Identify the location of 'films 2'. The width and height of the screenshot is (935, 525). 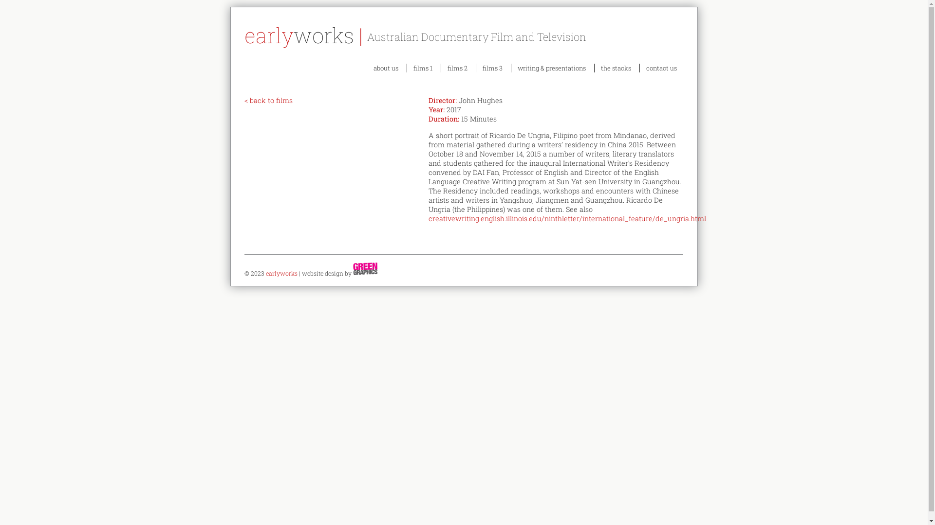
(441, 67).